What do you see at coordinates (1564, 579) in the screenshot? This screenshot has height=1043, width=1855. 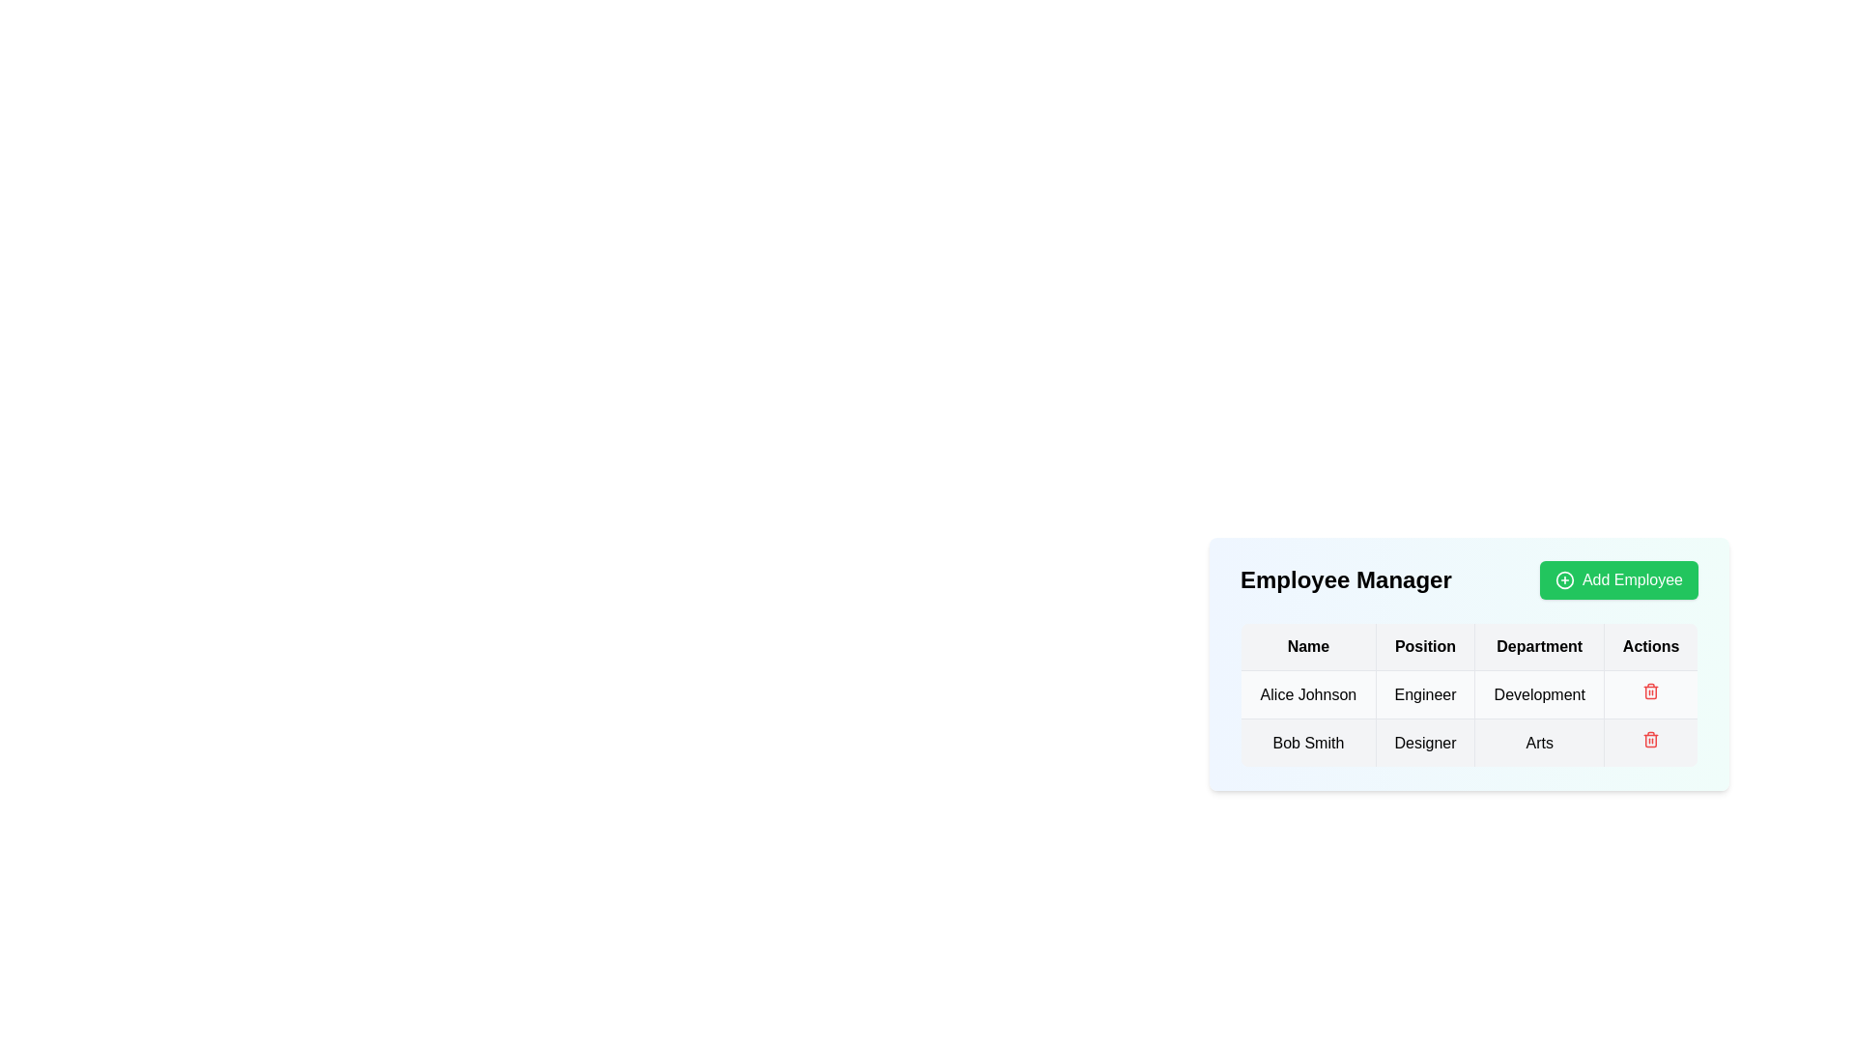 I see `the circular icon element with a green border that contains a plus symbol, located near the 'Add Employee' text in the top right corner of the 'Employee Manager' section` at bounding box center [1564, 579].